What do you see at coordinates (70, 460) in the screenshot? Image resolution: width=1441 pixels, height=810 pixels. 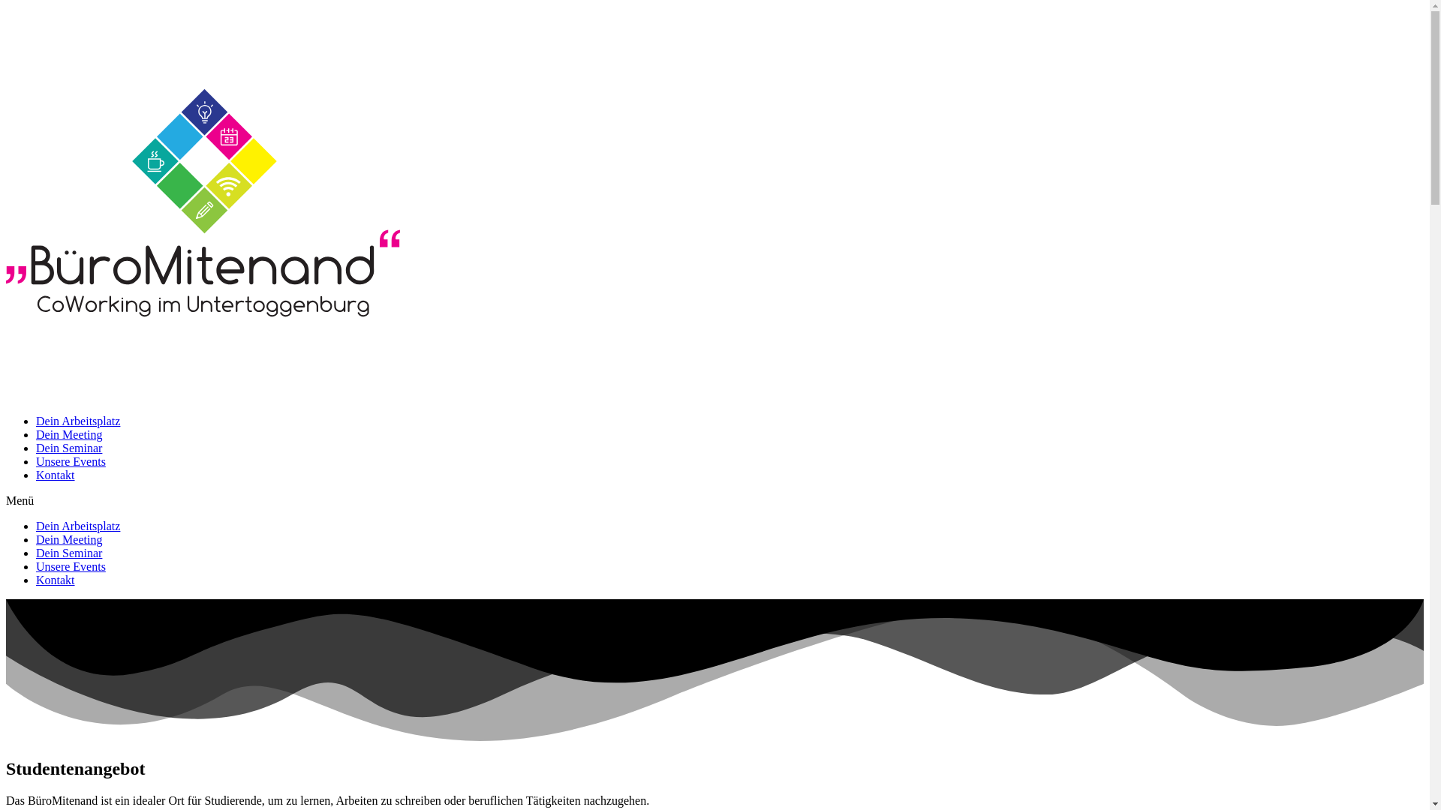 I see `'Unsere Events'` at bounding box center [70, 460].